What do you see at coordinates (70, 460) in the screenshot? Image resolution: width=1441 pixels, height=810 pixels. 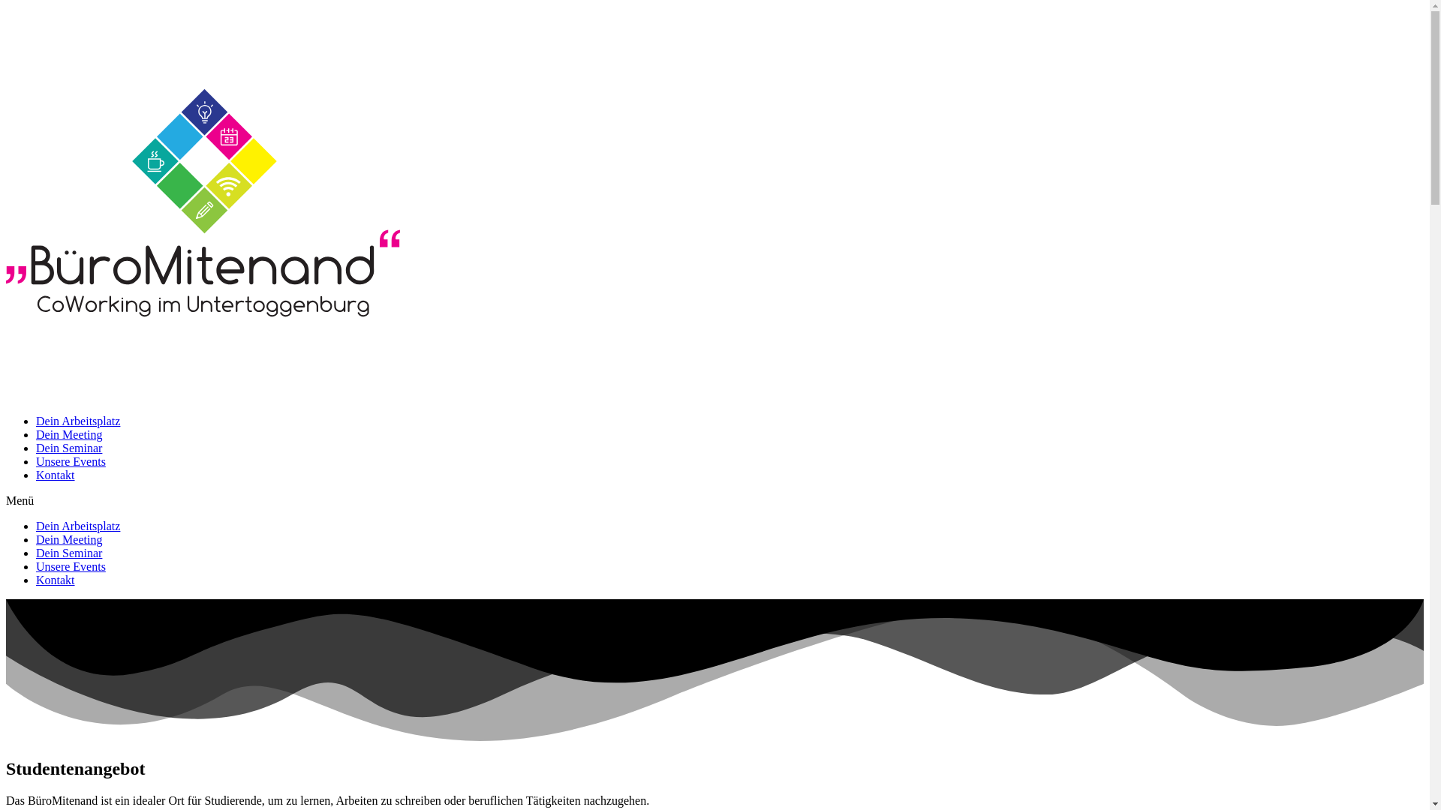 I see `'Unsere Events'` at bounding box center [70, 460].